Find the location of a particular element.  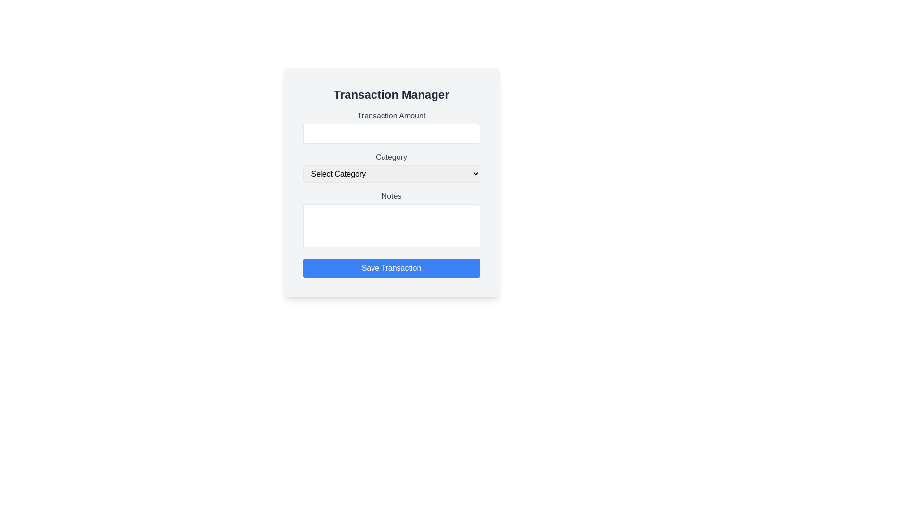

the title text element that indicates the purpose of the surrounding components in the transaction management section is located at coordinates (391, 94).